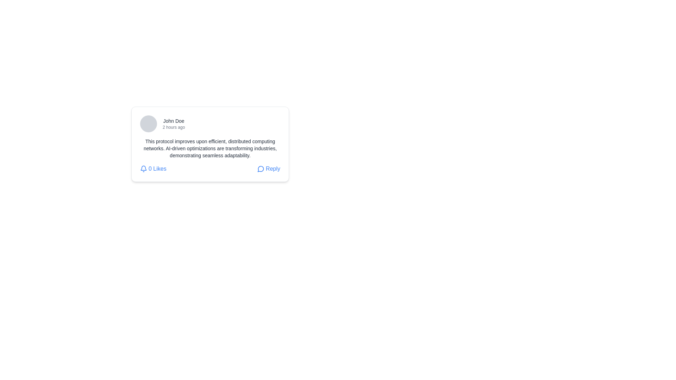 This screenshot has width=676, height=380. I want to click on the notification bell icon, which represents alerts or updates within the application, located at the bottom left of the user comment card, so click(143, 168).